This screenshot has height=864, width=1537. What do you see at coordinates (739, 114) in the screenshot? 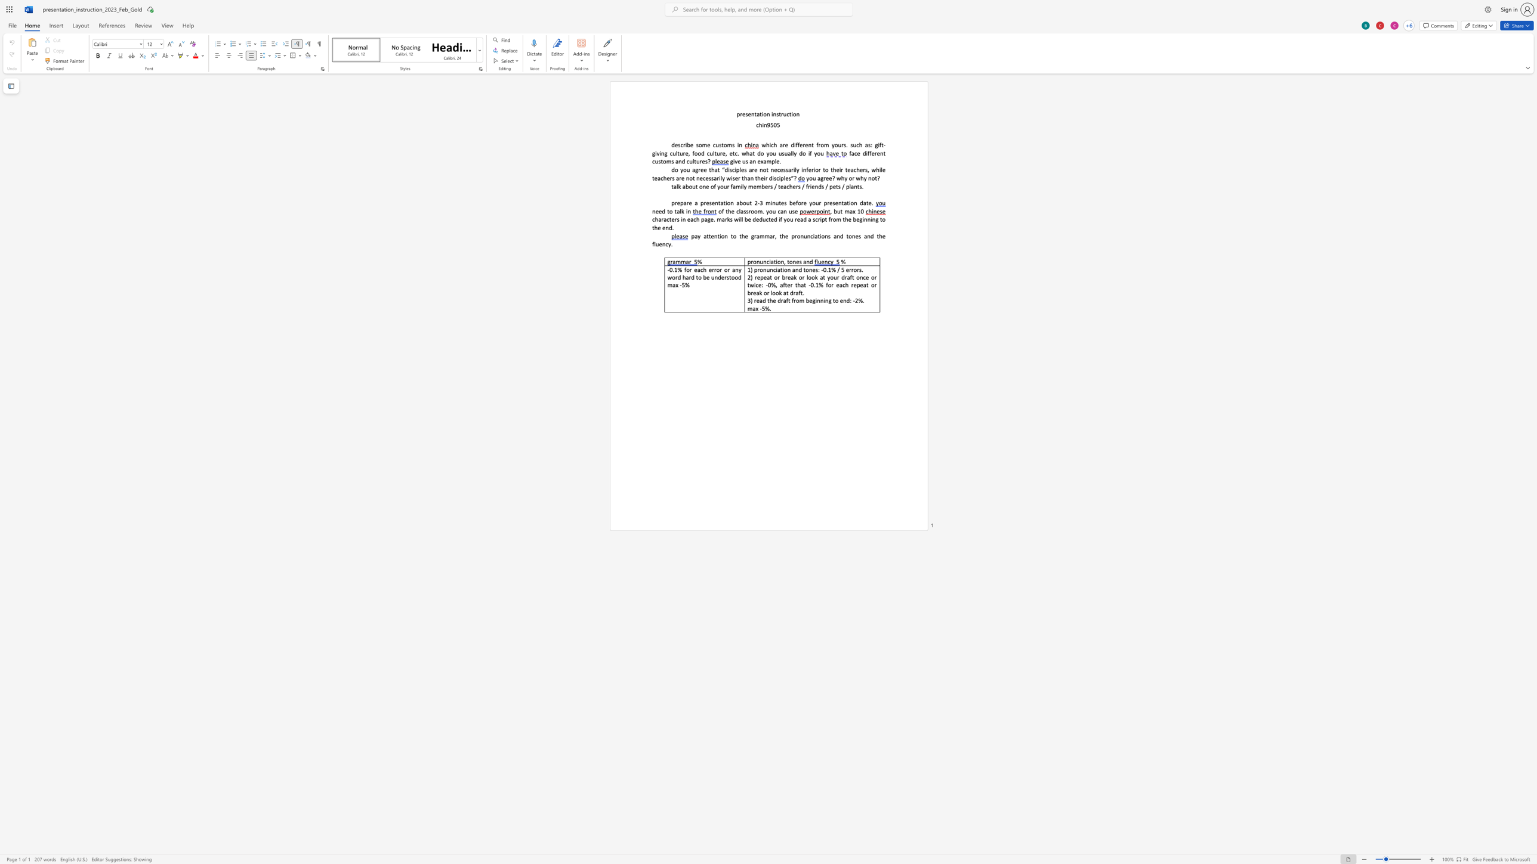
I see `the space between the continuous character "p" and "r" in the text` at bounding box center [739, 114].